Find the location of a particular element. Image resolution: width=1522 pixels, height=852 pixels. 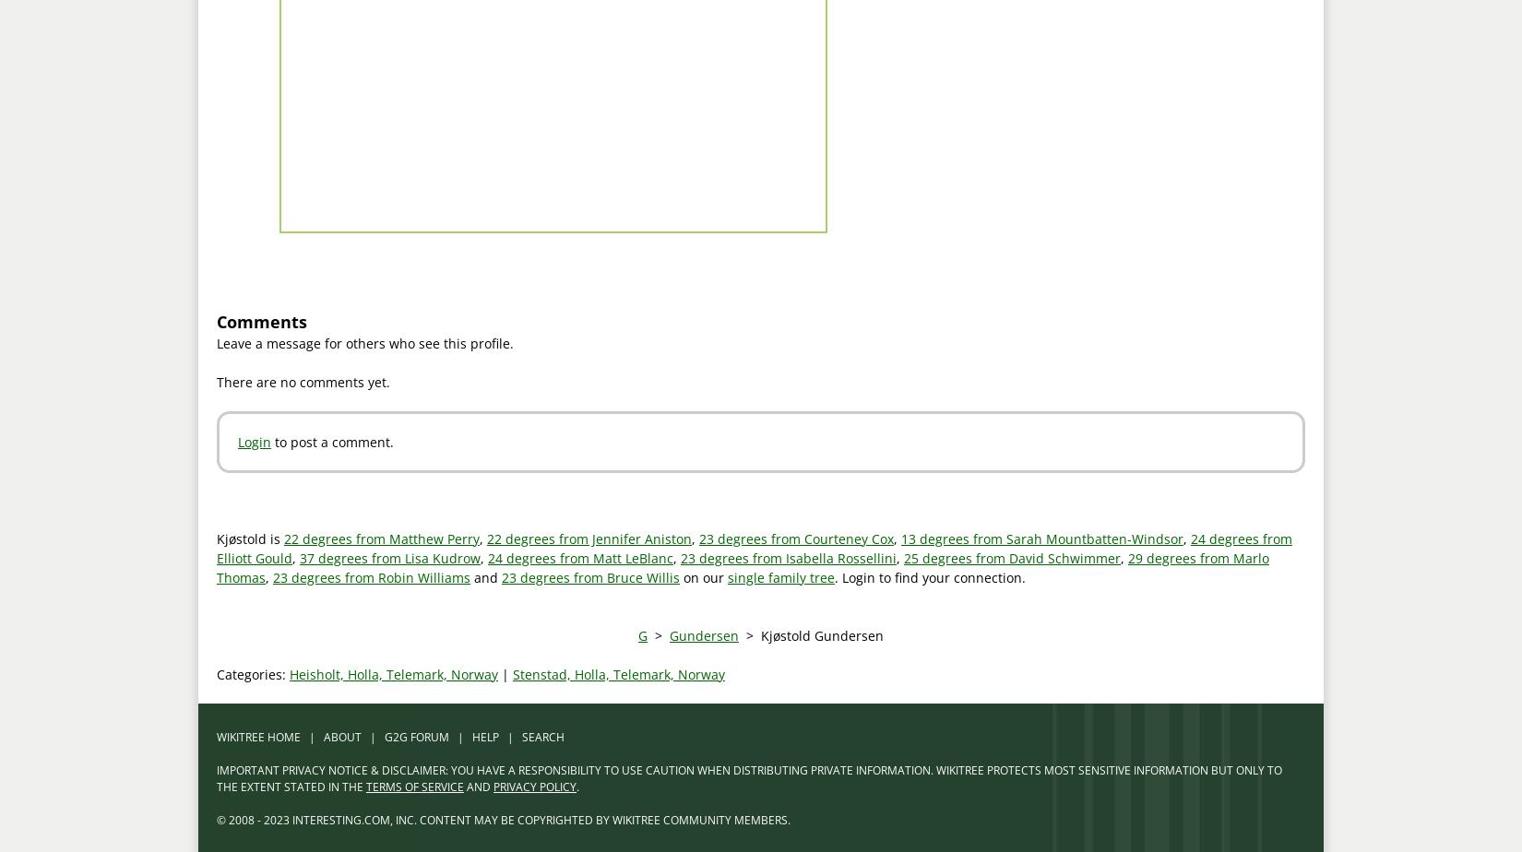

'Categories:' is located at coordinates (216, 673).